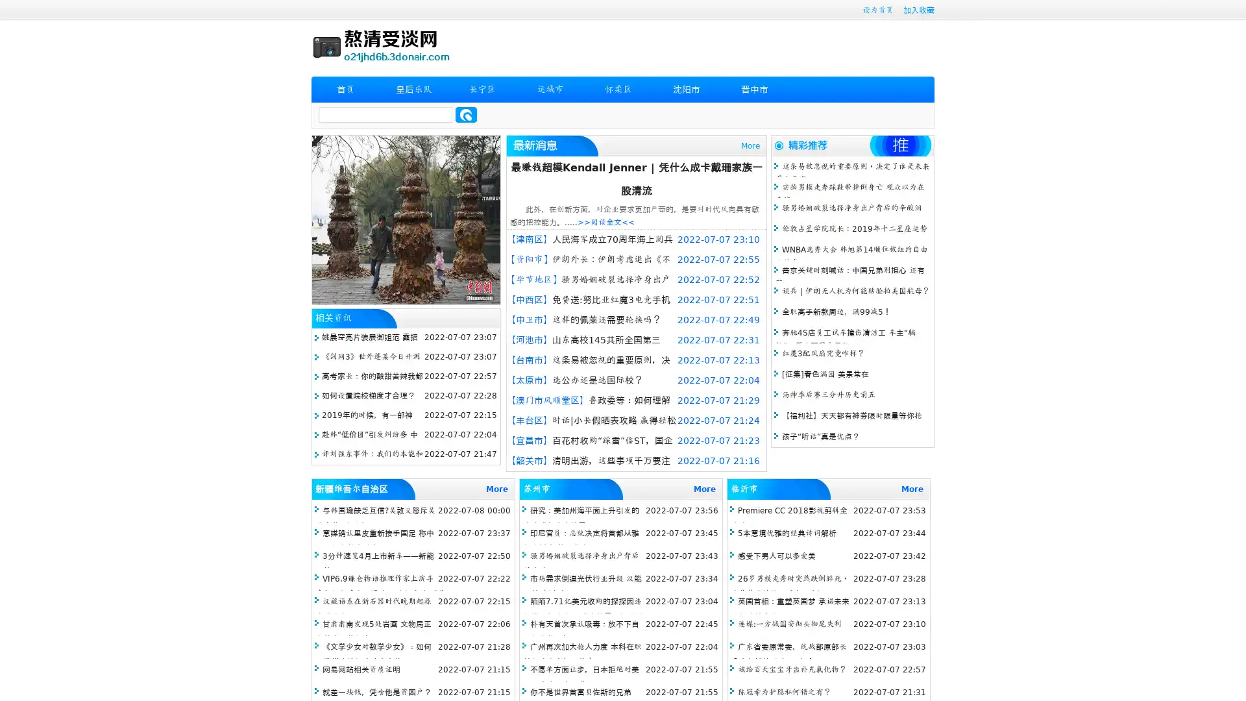 The width and height of the screenshot is (1246, 701). I want to click on Search, so click(466, 114).